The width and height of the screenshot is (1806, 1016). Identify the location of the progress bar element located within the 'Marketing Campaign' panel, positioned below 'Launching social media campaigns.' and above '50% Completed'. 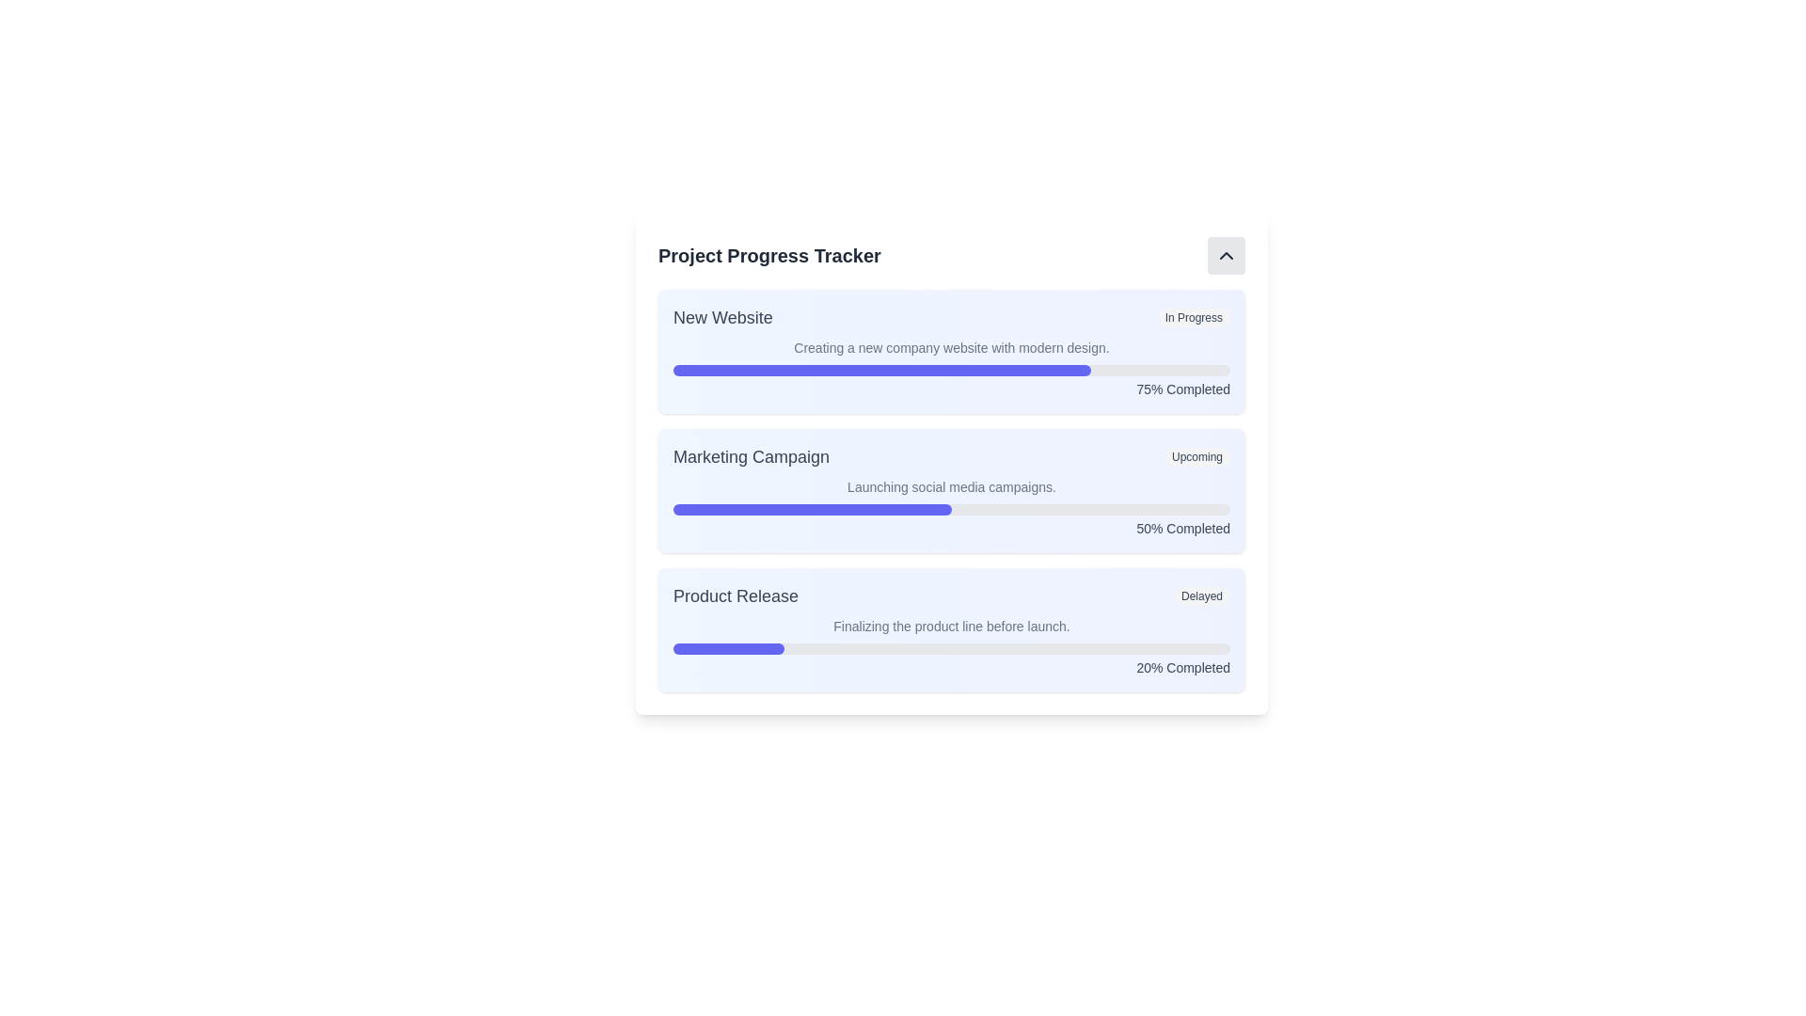
(952, 510).